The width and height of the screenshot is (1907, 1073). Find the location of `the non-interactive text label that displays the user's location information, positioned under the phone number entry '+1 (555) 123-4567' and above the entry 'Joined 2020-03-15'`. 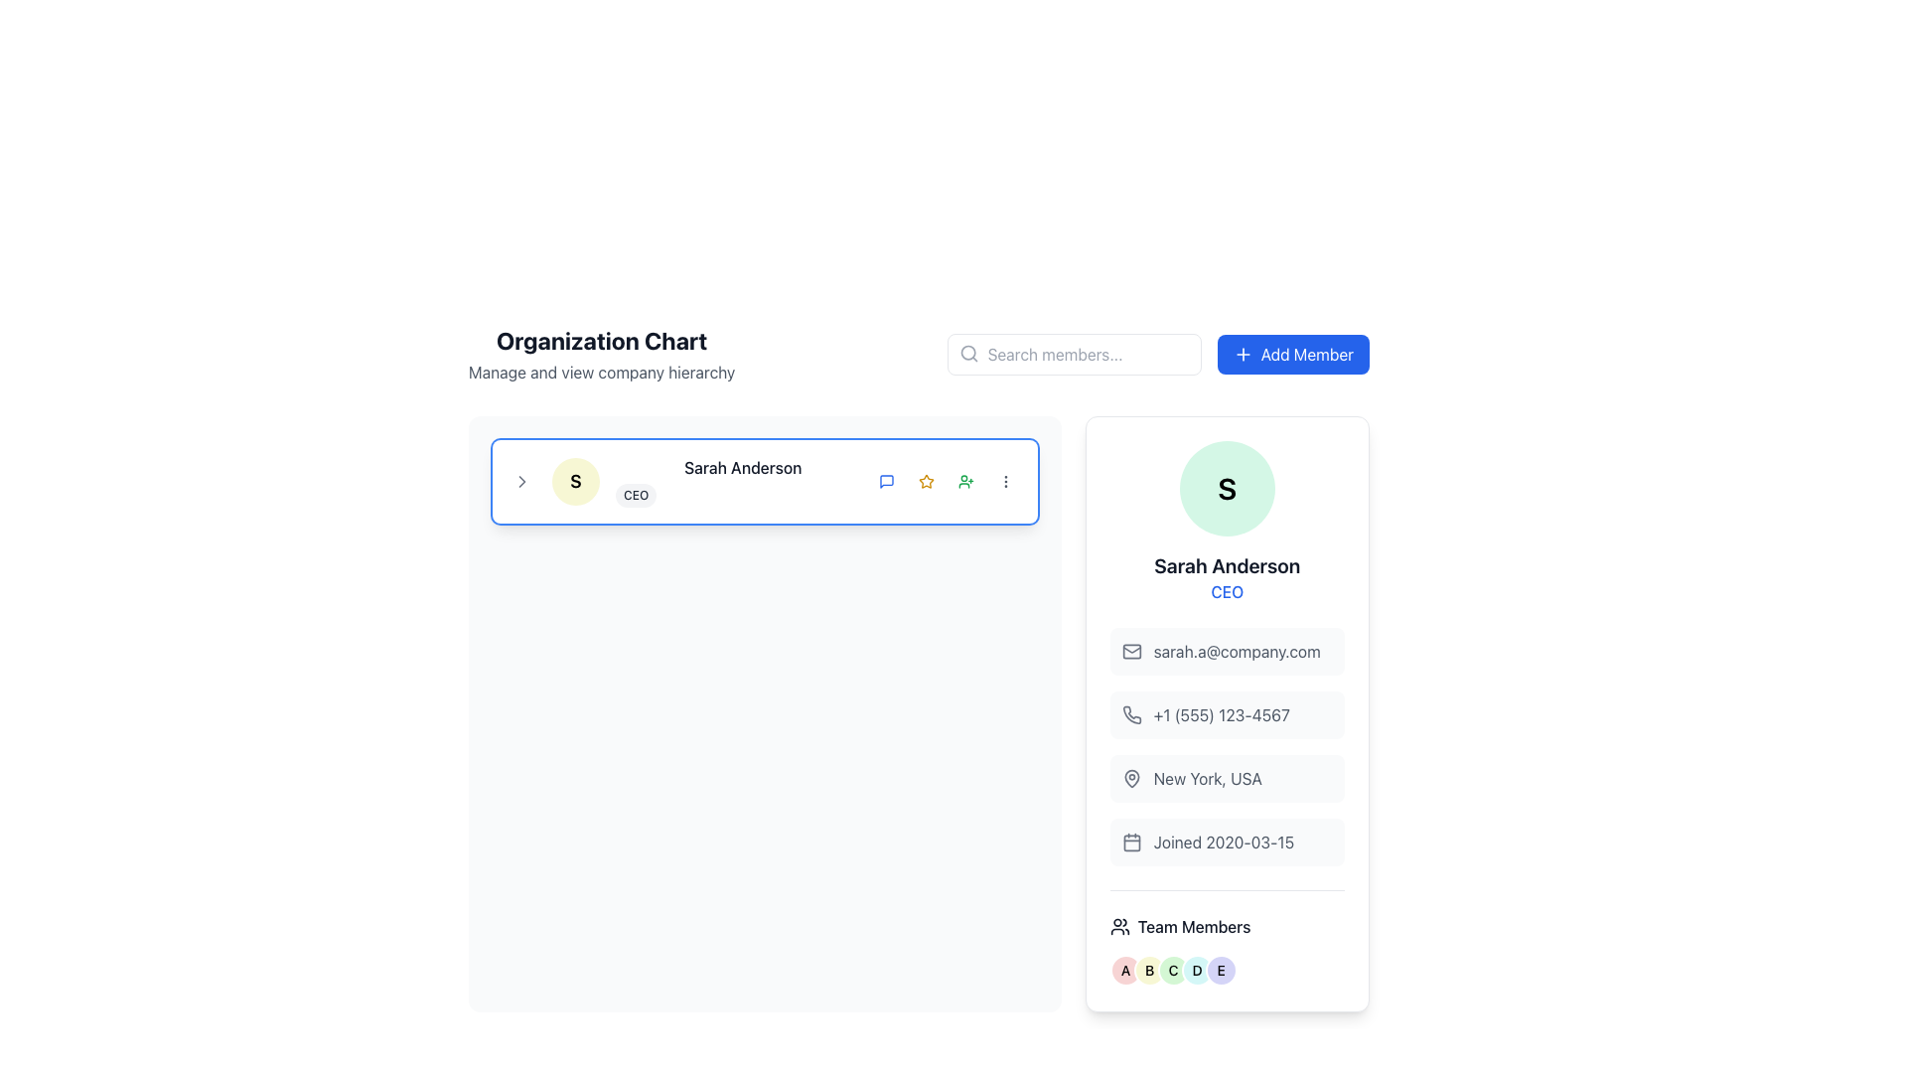

the non-interactive text label that displays the user's location information, positioned under the phone number entry '+1 (555) 123-4567' and above the entry 'Joined 2020-03-15' is located at coordinates (1226, 777).